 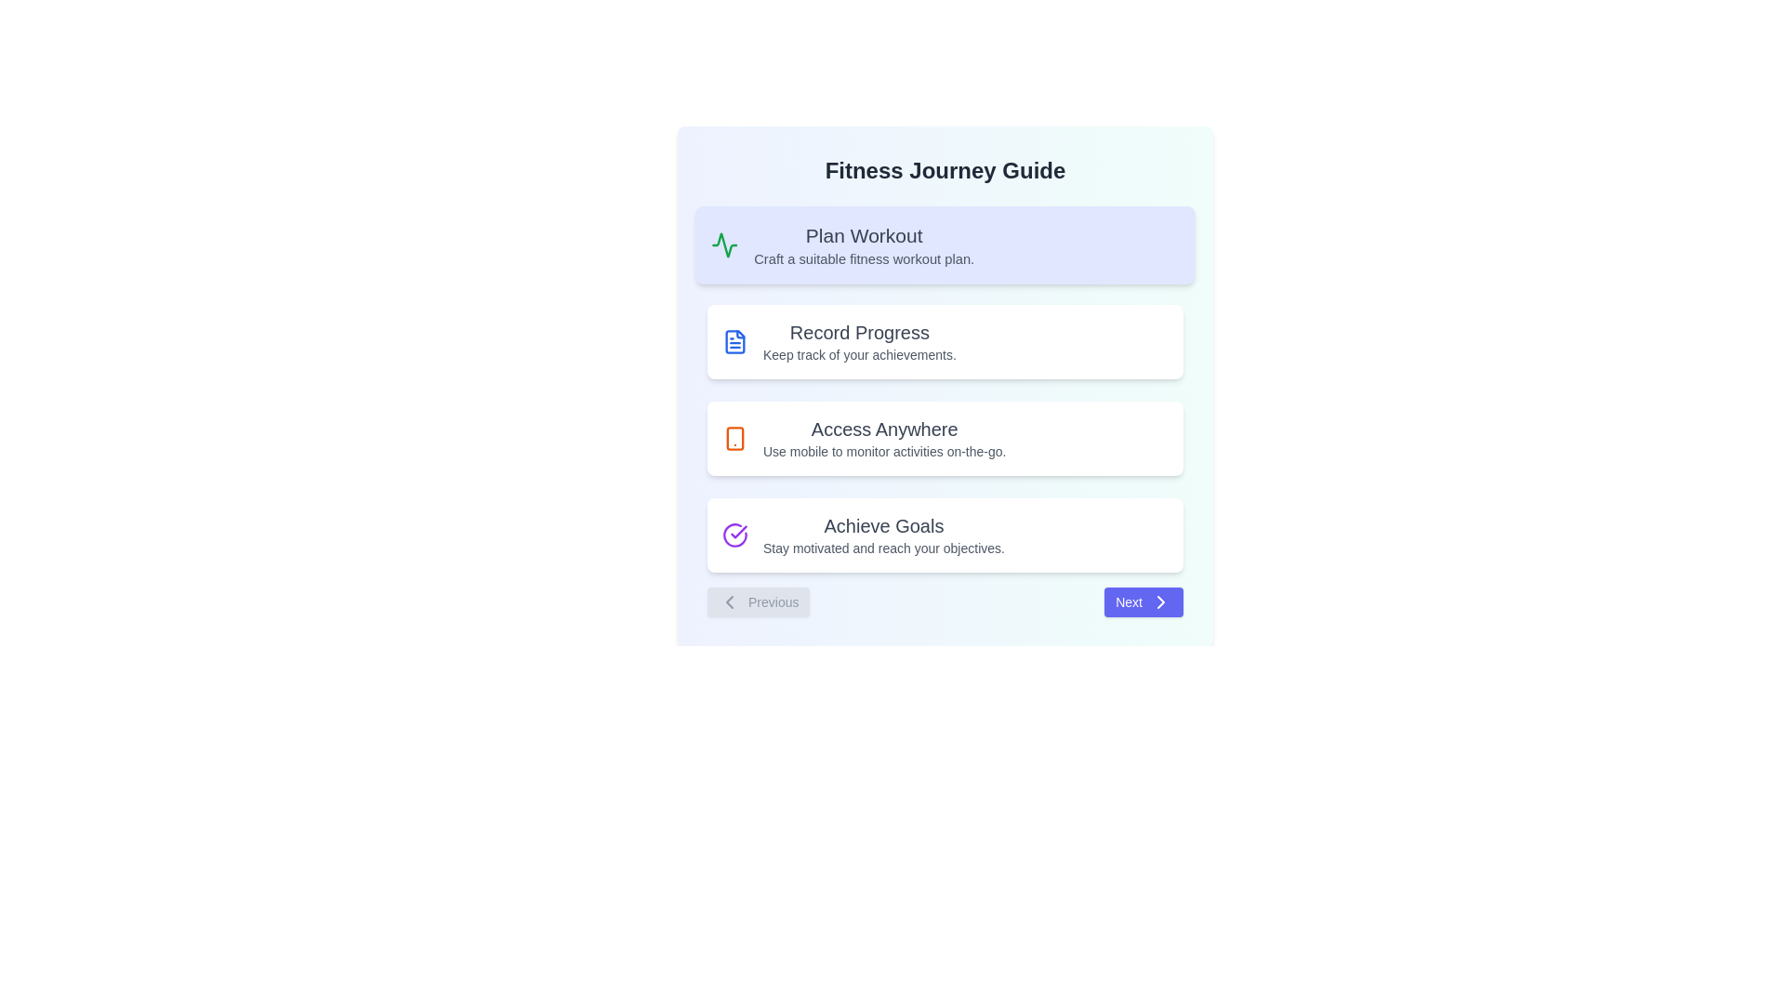 What do you see at coordinates (734, 438) in the screenshot?
I see `the inner rectangle of the smartphone icon, which is located in the third entry from the top in the 'Fitness Journey Guide' section, representing mobility and access-related features` at bounding box center [734, 438].